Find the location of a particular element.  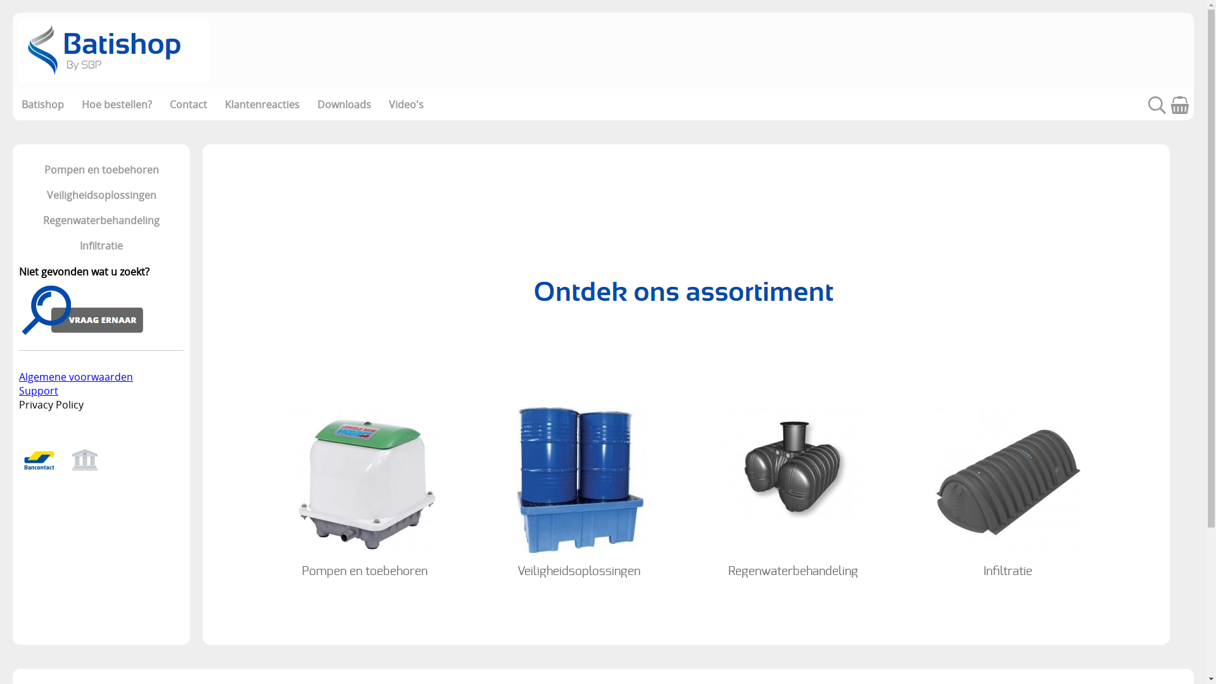

'Video's' is located at coordinates (406, 104).